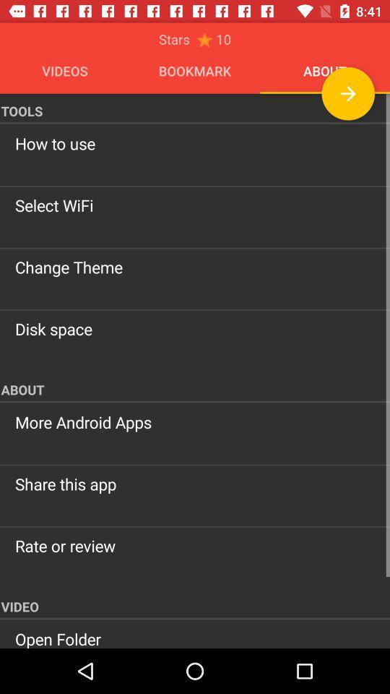 The height and width of the screenshot is (694, 390). I want to click on the how to use, so click(195, 143).